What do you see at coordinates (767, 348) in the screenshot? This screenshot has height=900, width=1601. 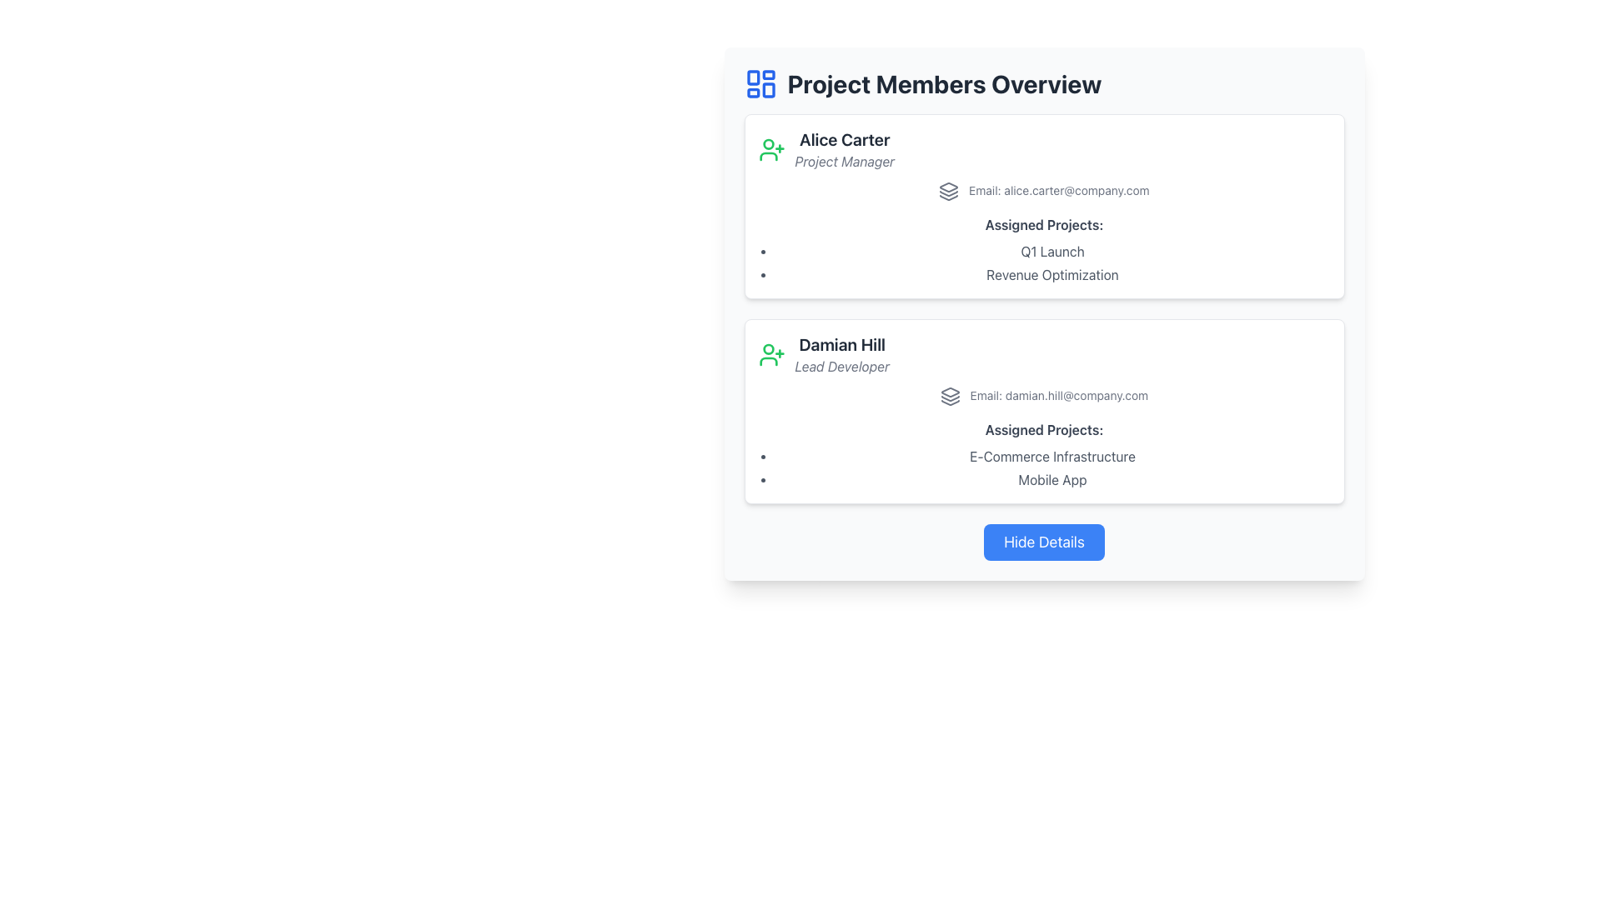 I see `the SVG Circle element representing the user profile icon with a plus sign, located in the second card under the 'Project Members Overview' section next to the name 'Damian Hill'` at bounding box center [767, 348].